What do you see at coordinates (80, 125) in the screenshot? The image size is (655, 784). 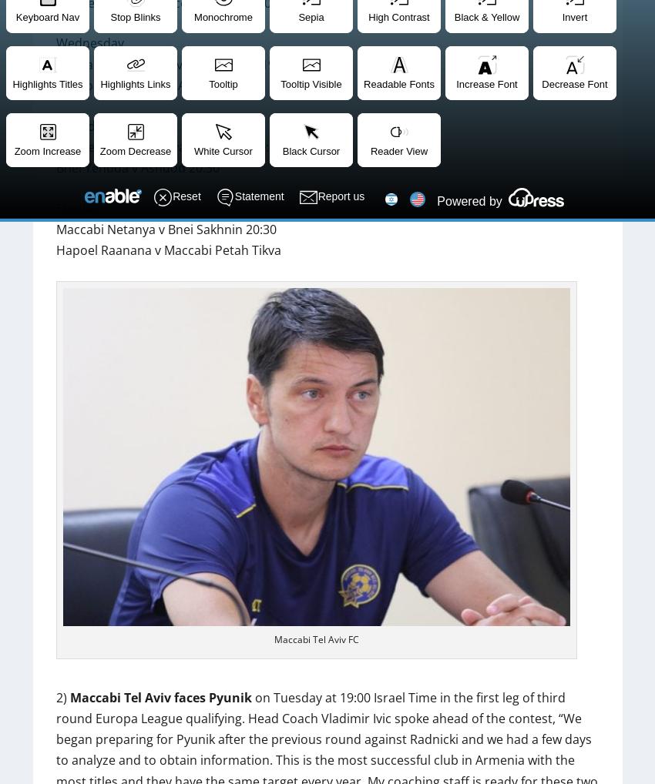 I see `'Saturday'` at bounding box center [80, 125].